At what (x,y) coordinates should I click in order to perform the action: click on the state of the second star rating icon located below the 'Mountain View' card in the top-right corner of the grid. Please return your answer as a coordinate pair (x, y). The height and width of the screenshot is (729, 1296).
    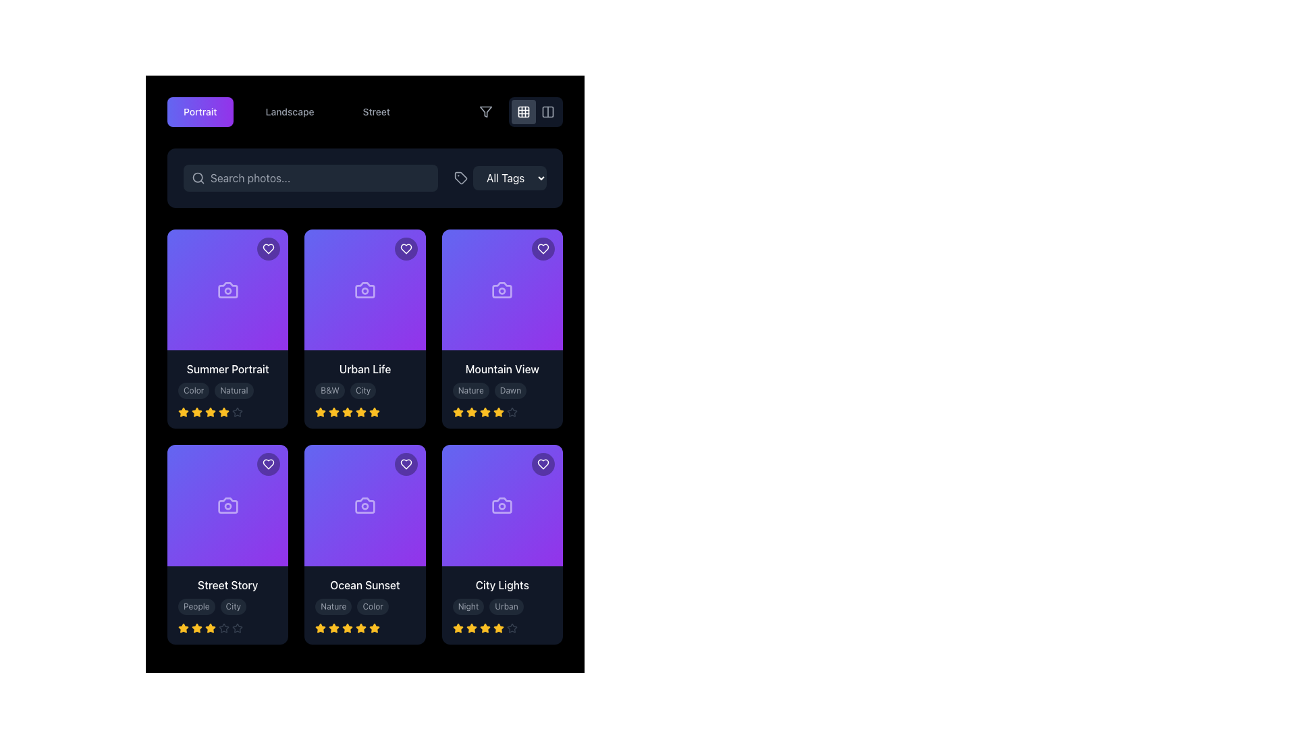
    Looking at the image, I should click on (471, 412).